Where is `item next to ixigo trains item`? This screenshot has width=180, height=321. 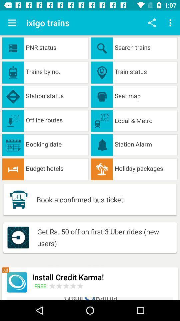 item next to ixigo trains item is located at coordinates (12, 23).